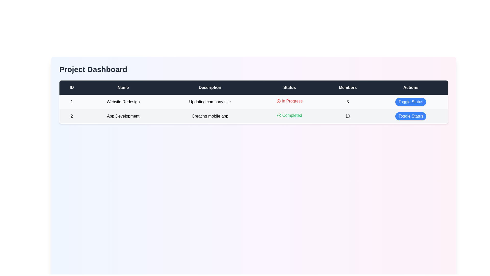 Image resolution: width=490 pixels, height=276 pixels. What do you see at coordinates (411, 102) in the screenshot?
I see `the toggle button in the 'Actions' column of the first row in the 'Project Dashboard' to change the status of the associated item or project` at bounding box center [411, 102].